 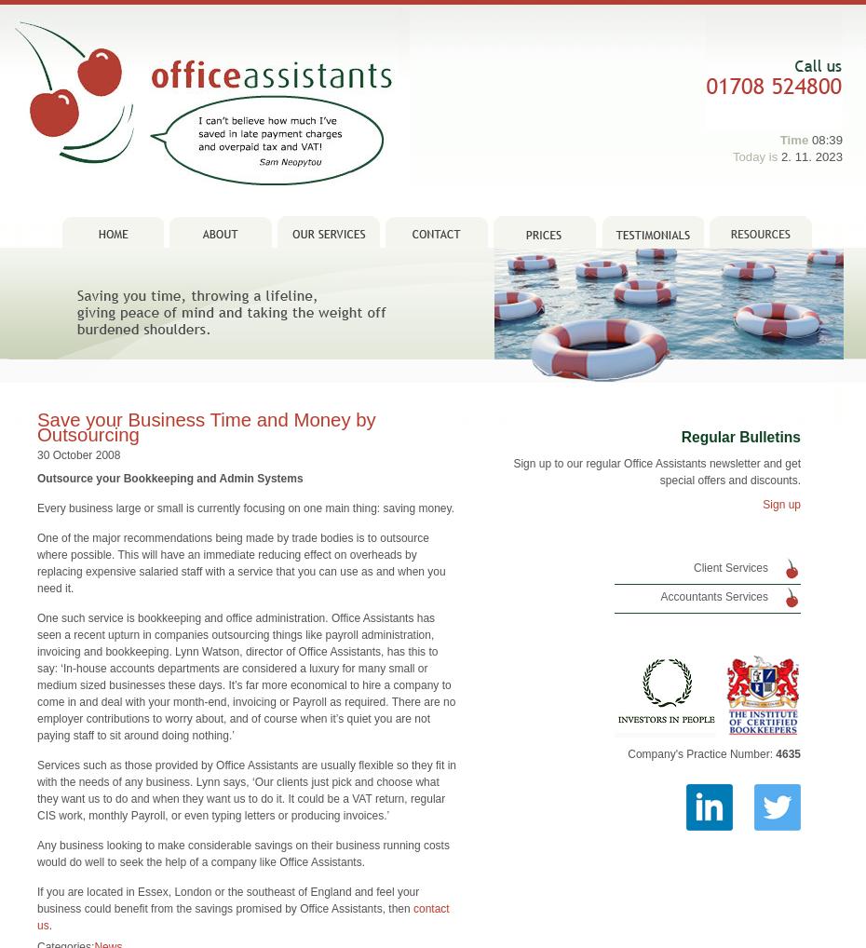 What do you see at coordinates (169, 450) in the screenshot?
I see `'Outsource your Bookkeeping and Admin Systems'` at bounding box center [169, 450].